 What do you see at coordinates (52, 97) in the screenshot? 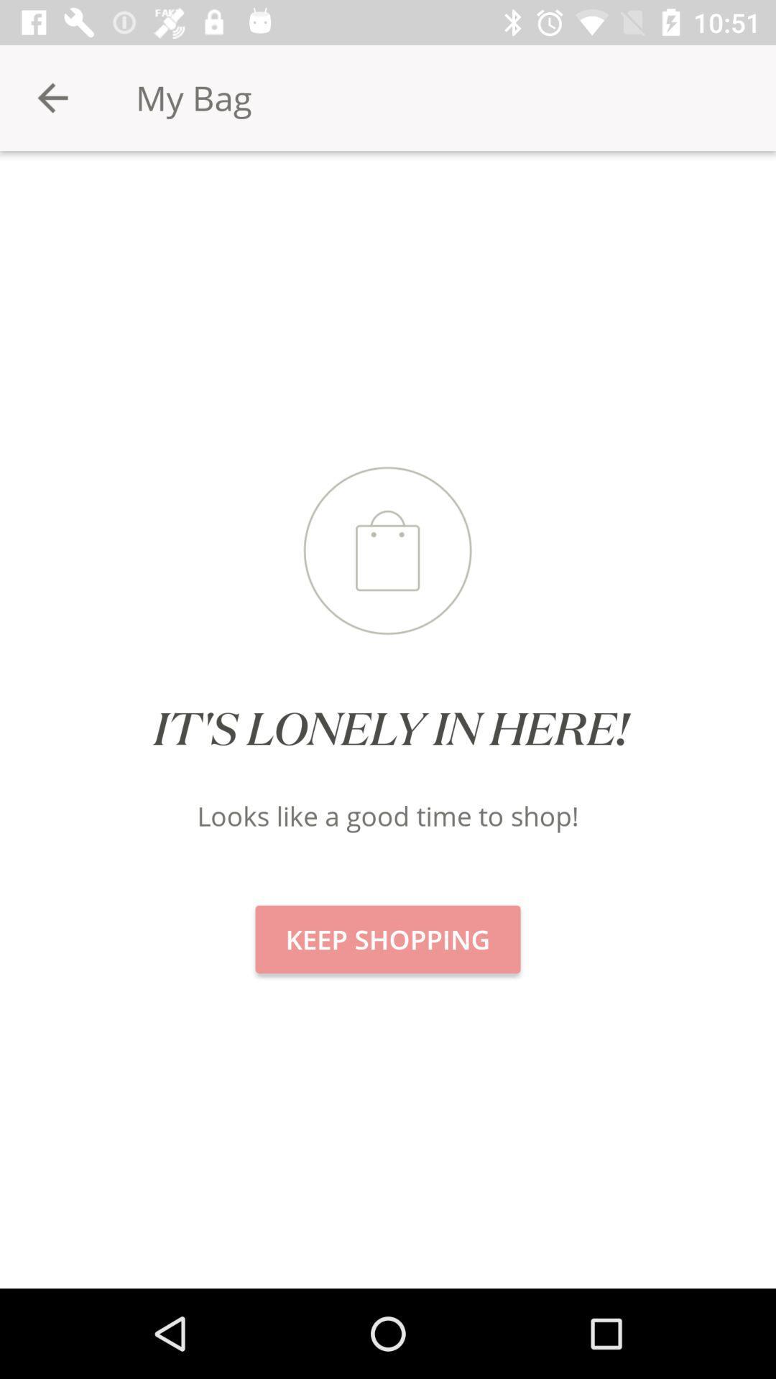
I see `the item at the top left corner` at bounding box center [52, 97].